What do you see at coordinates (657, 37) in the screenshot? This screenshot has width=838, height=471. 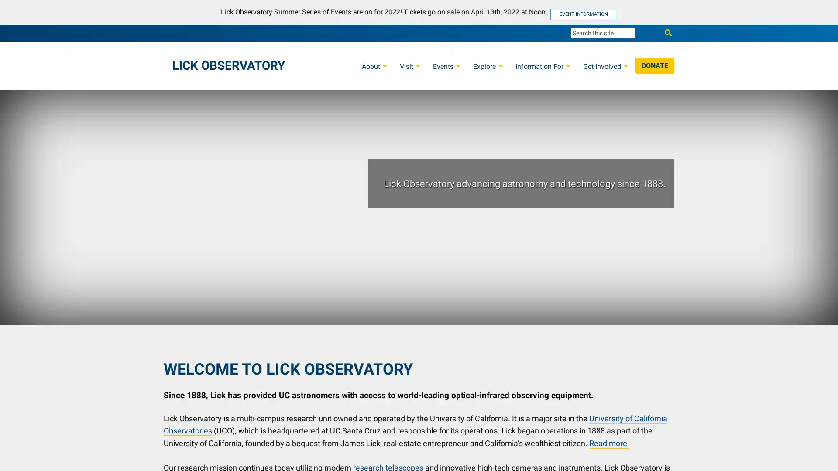 I see `Search` at bounding box center [657, 37].